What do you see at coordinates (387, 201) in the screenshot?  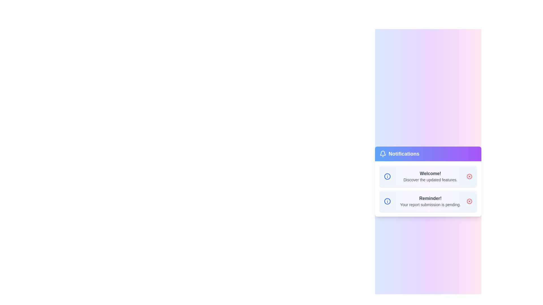 I see `the circular icon with a blue border and white fill, located next to the header 'Welcome!' in the notification interface` at bounding box center [387, 201].